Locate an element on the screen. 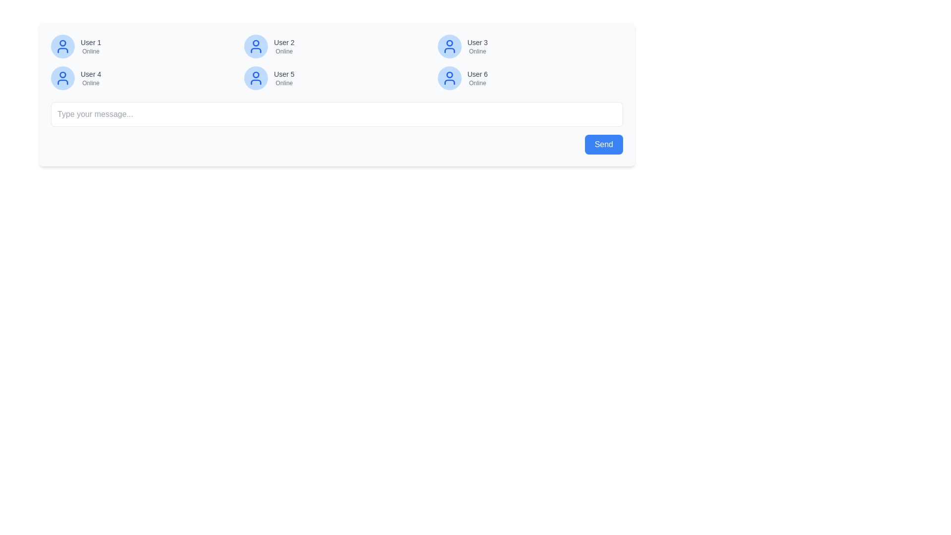 This screenshot has width=951, height=535. the decorative graphical element representing the head of the user avatar icon for the sixth user in the interface, located in the lower-right section of the user list grid is located at coordinates (449, 74).